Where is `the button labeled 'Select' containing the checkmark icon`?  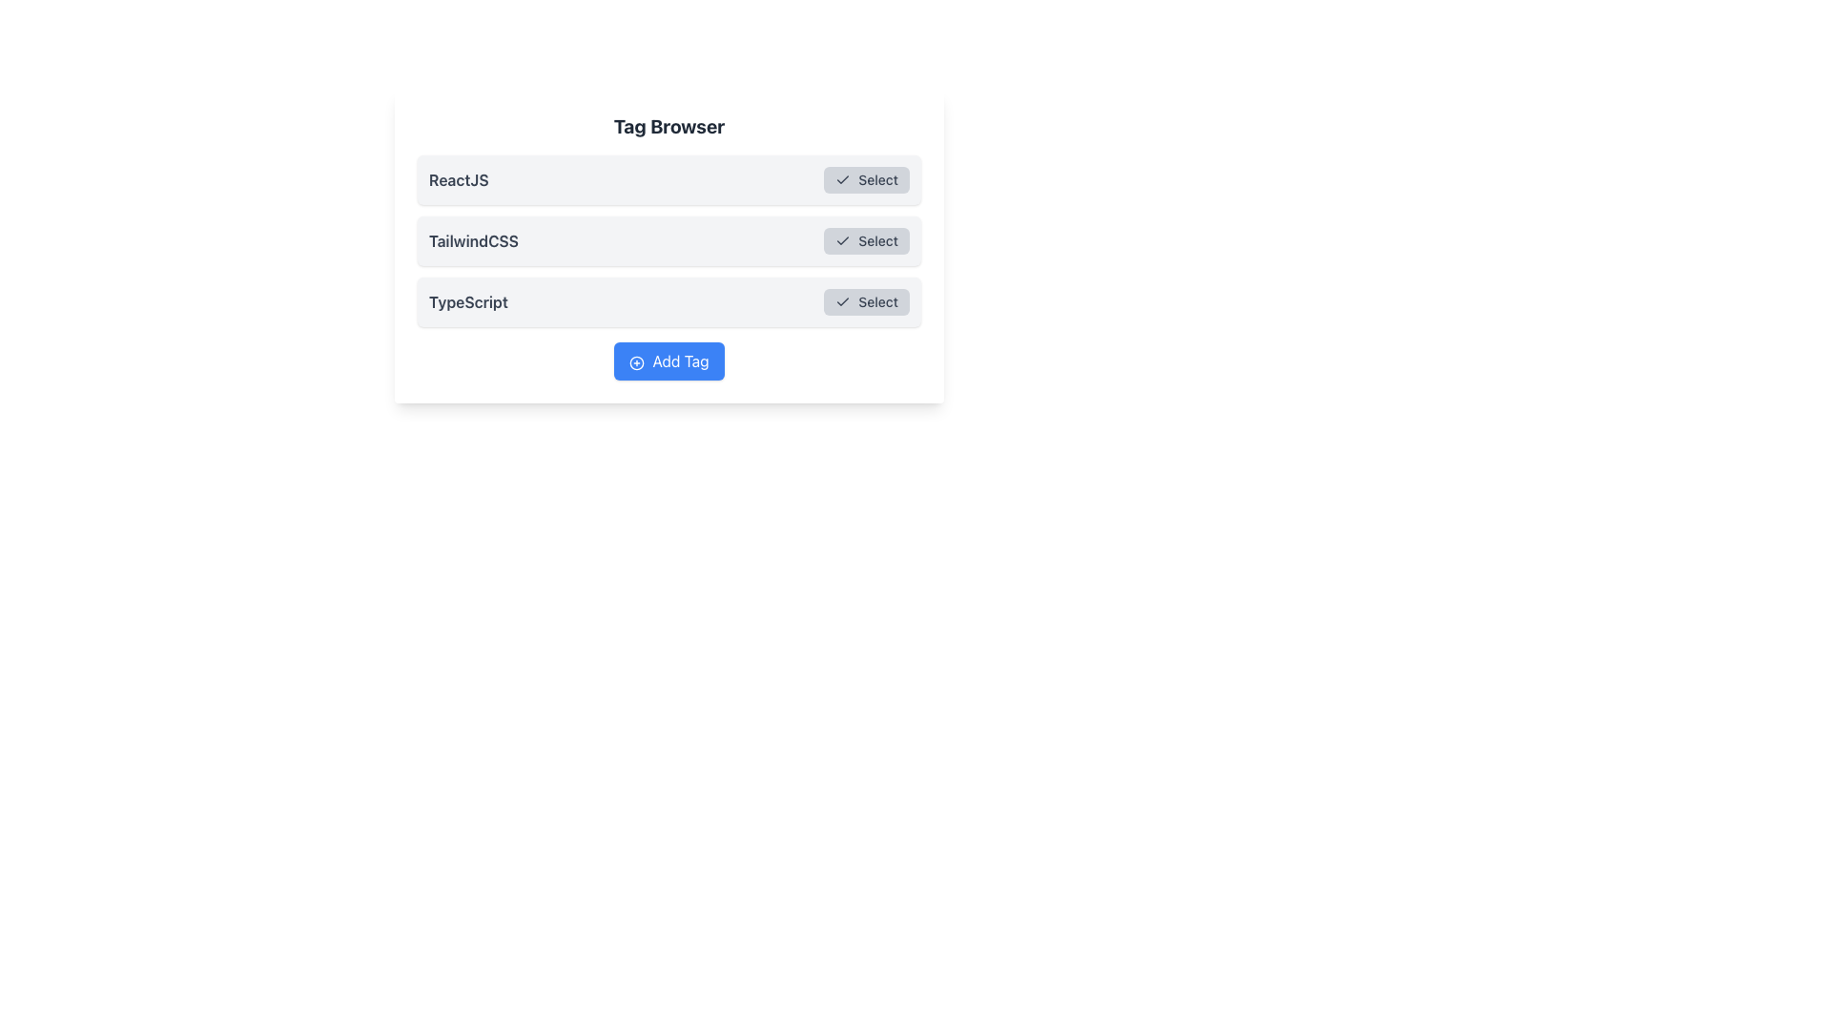
the button labeled 'Select' containing the checkmark icon is located at coordinates (842, 240).